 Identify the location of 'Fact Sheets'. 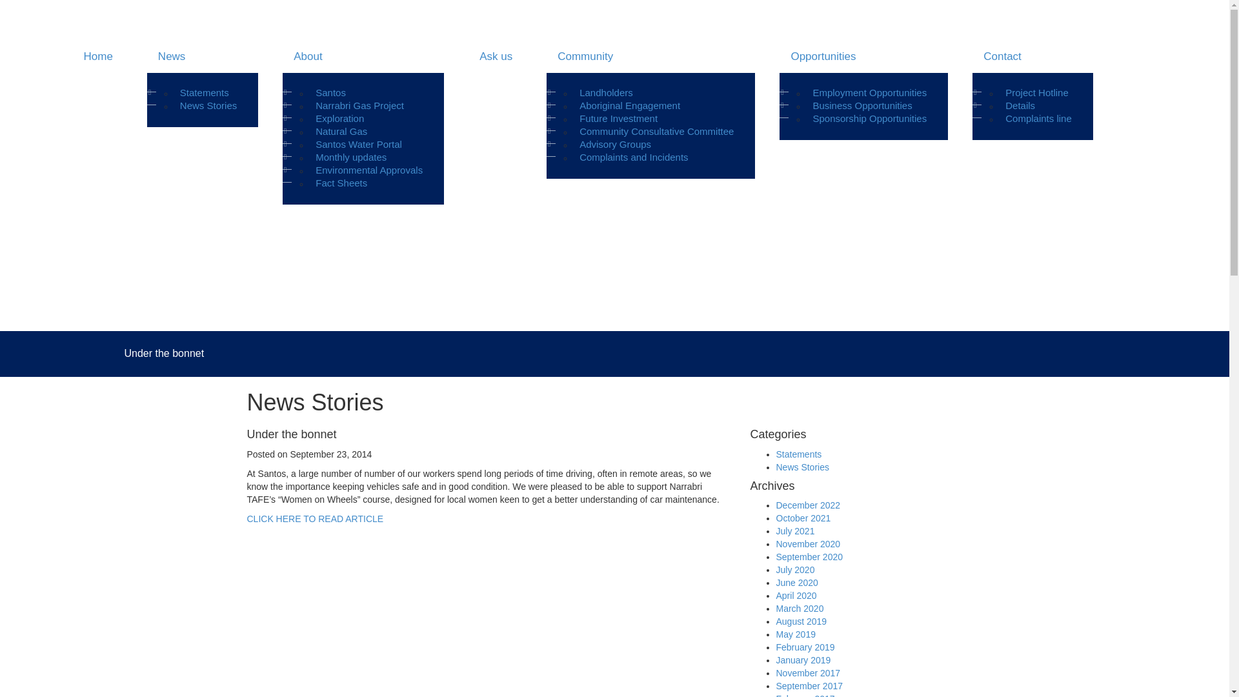
(341, 183).